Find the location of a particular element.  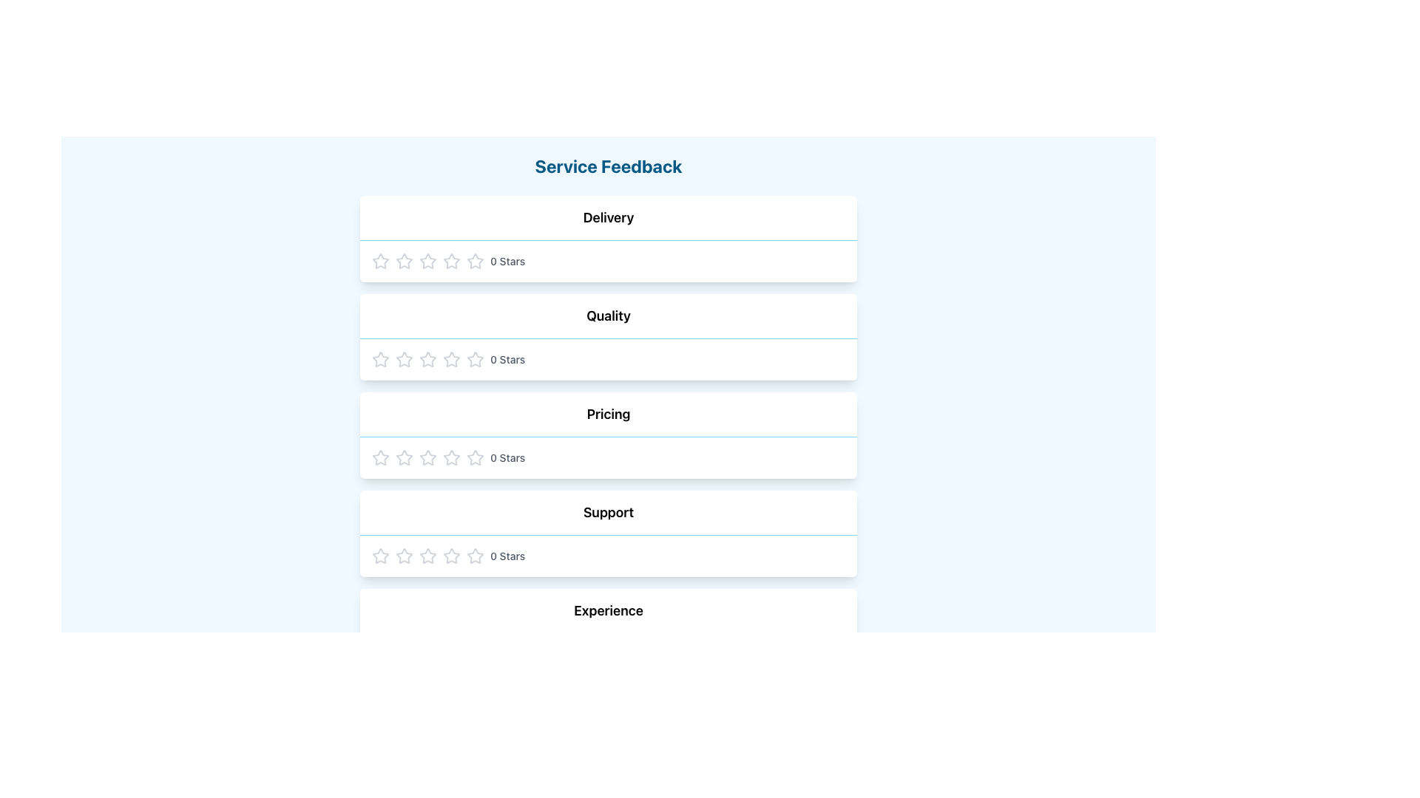

the first star in the Star Rating Display located in the Delivery section of the feedback form is located at coordinates (608, 261).